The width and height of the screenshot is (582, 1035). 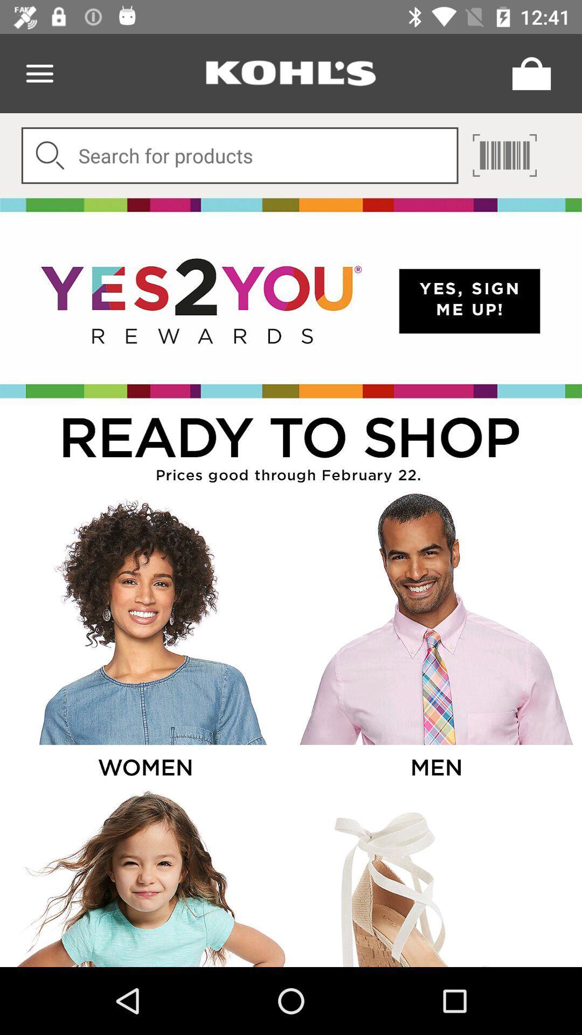 What do you see at coordinates (291, 73) in the screenshot?
I see `header text option` at bounding box center [291, 73].